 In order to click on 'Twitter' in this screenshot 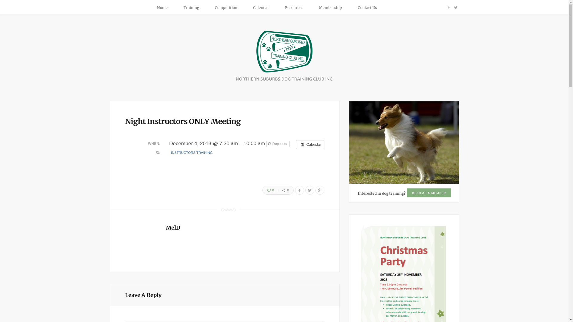, I will do `click(455, 7)`.